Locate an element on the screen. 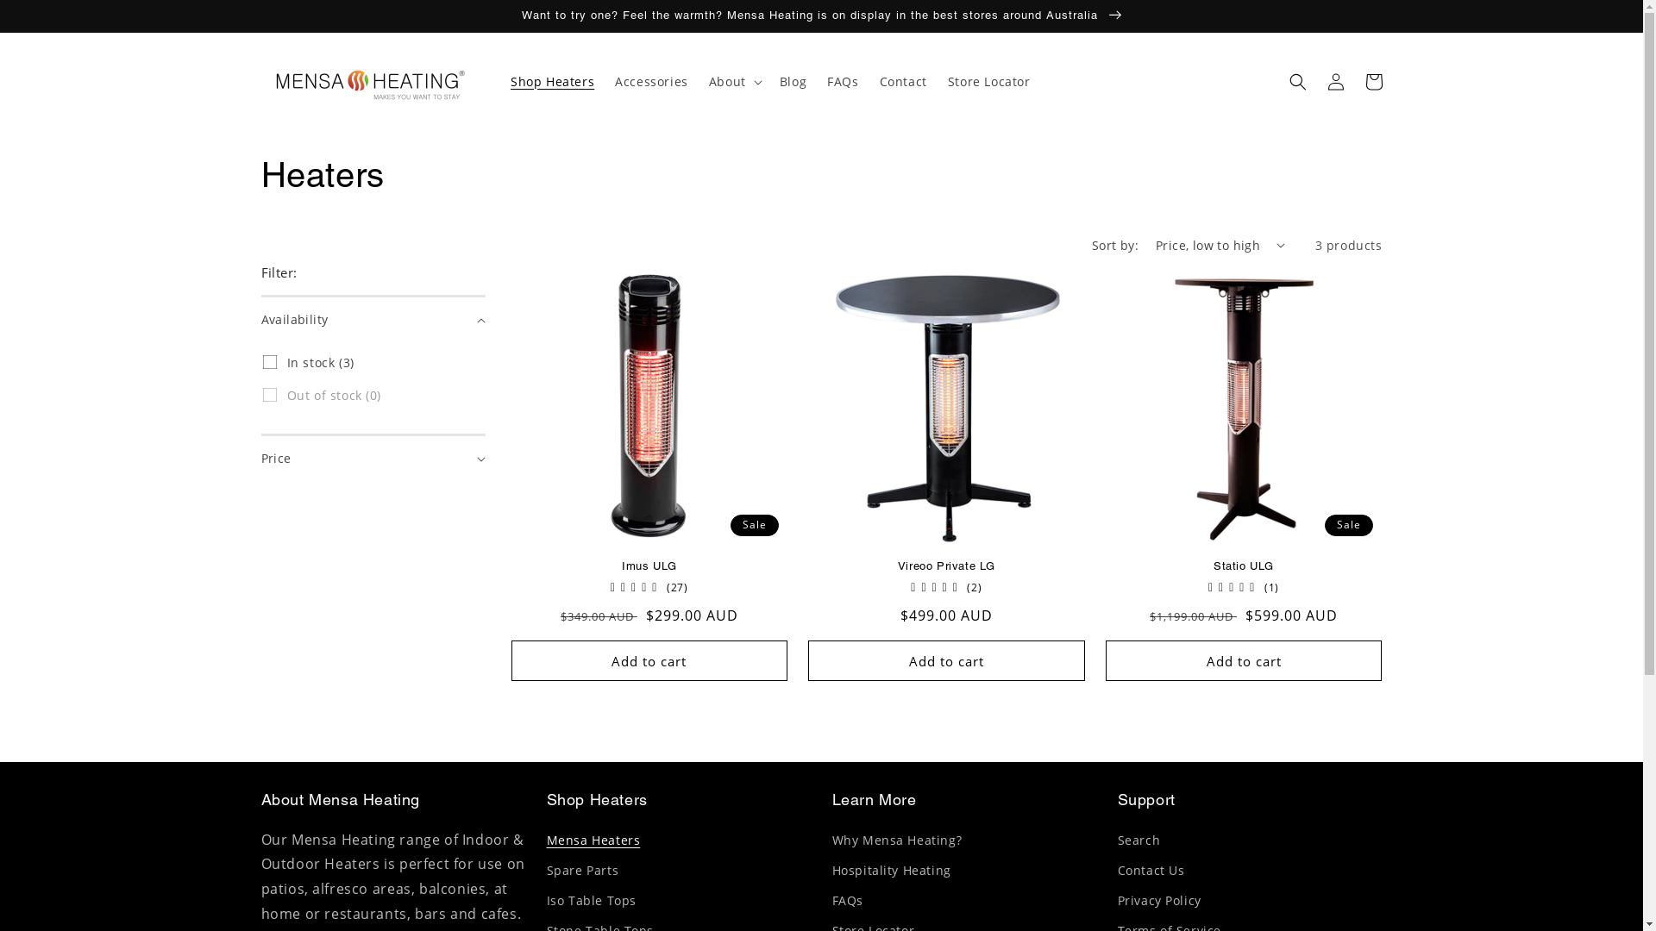  'Accessories' is located at coordinates (604, 82).